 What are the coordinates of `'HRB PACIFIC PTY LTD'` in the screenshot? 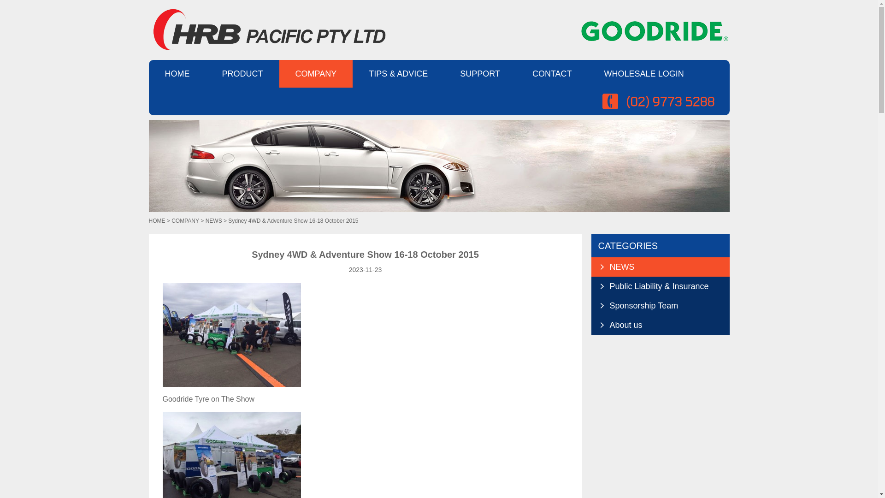 It's located at (266, 29).